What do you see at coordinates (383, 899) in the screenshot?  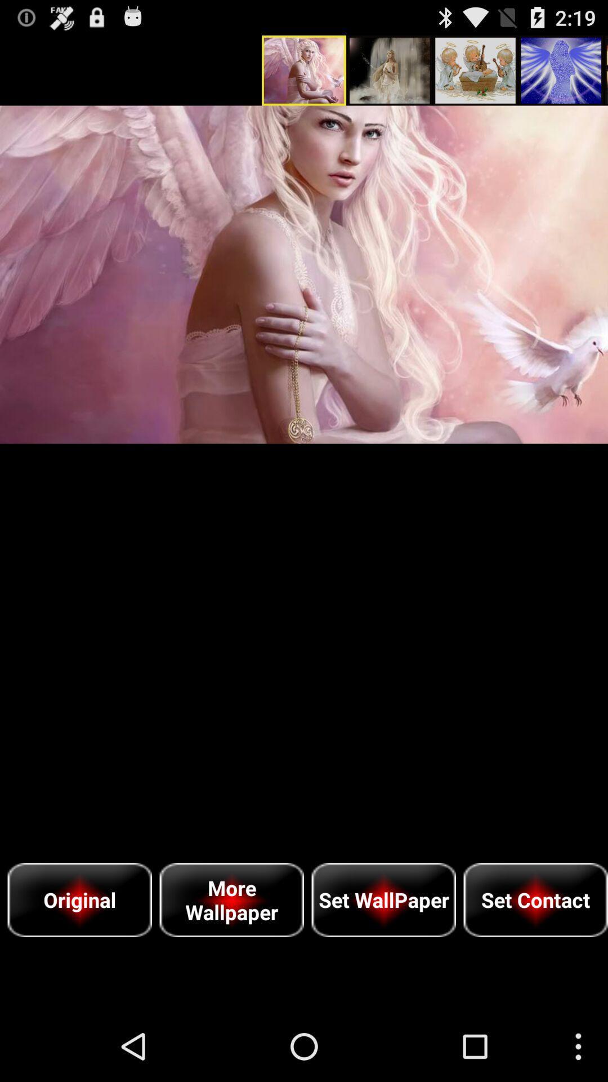 I see `the item to the left of the set contact icon` at bounding box center [383, 899].